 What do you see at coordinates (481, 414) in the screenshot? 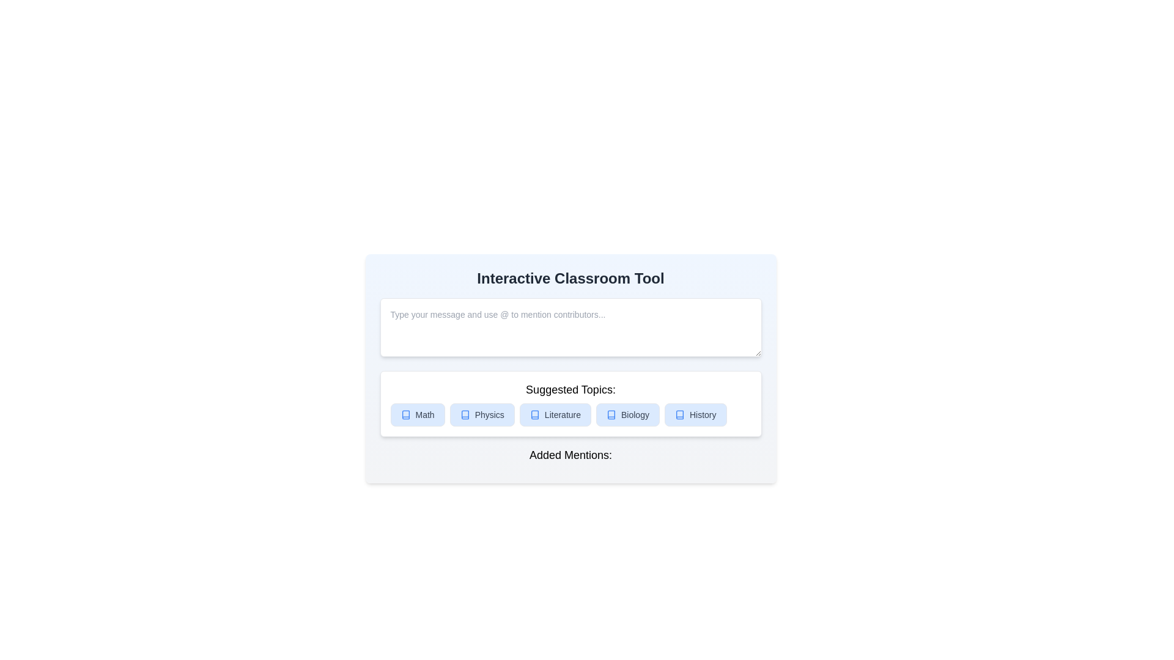
I see `the 'Physics' button, which is styled with a light blue background and a book icon, located below the 'Suggested Topics:' title` at bounding box center [481, 414].